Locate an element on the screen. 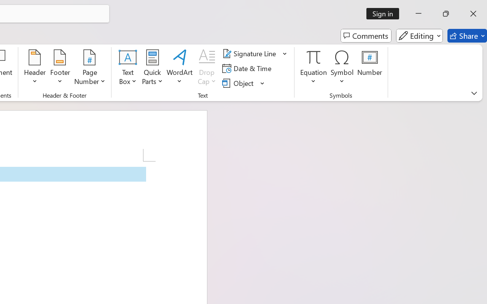 This screenshot has height=304, width=487. 'Drop Cap' is located at coordinates (207, 68).